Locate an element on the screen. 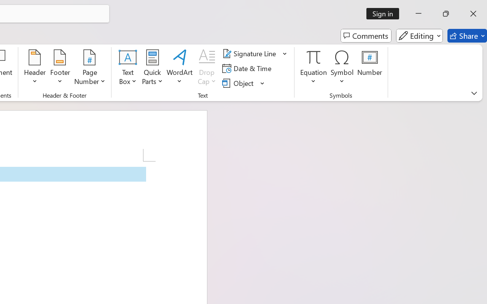 This screenshot has height=304, width=487. 'Drop Cap' is located at coordinates (207, 68).